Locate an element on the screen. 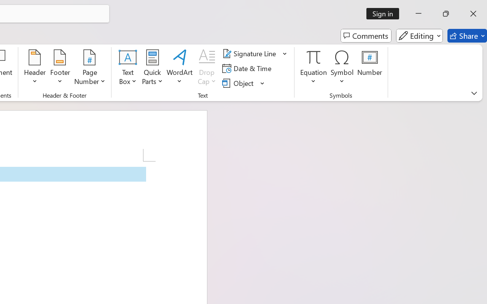 This screenshot has height=304, width=487. 'Drop Cap' is located at coordinates (207, 68).